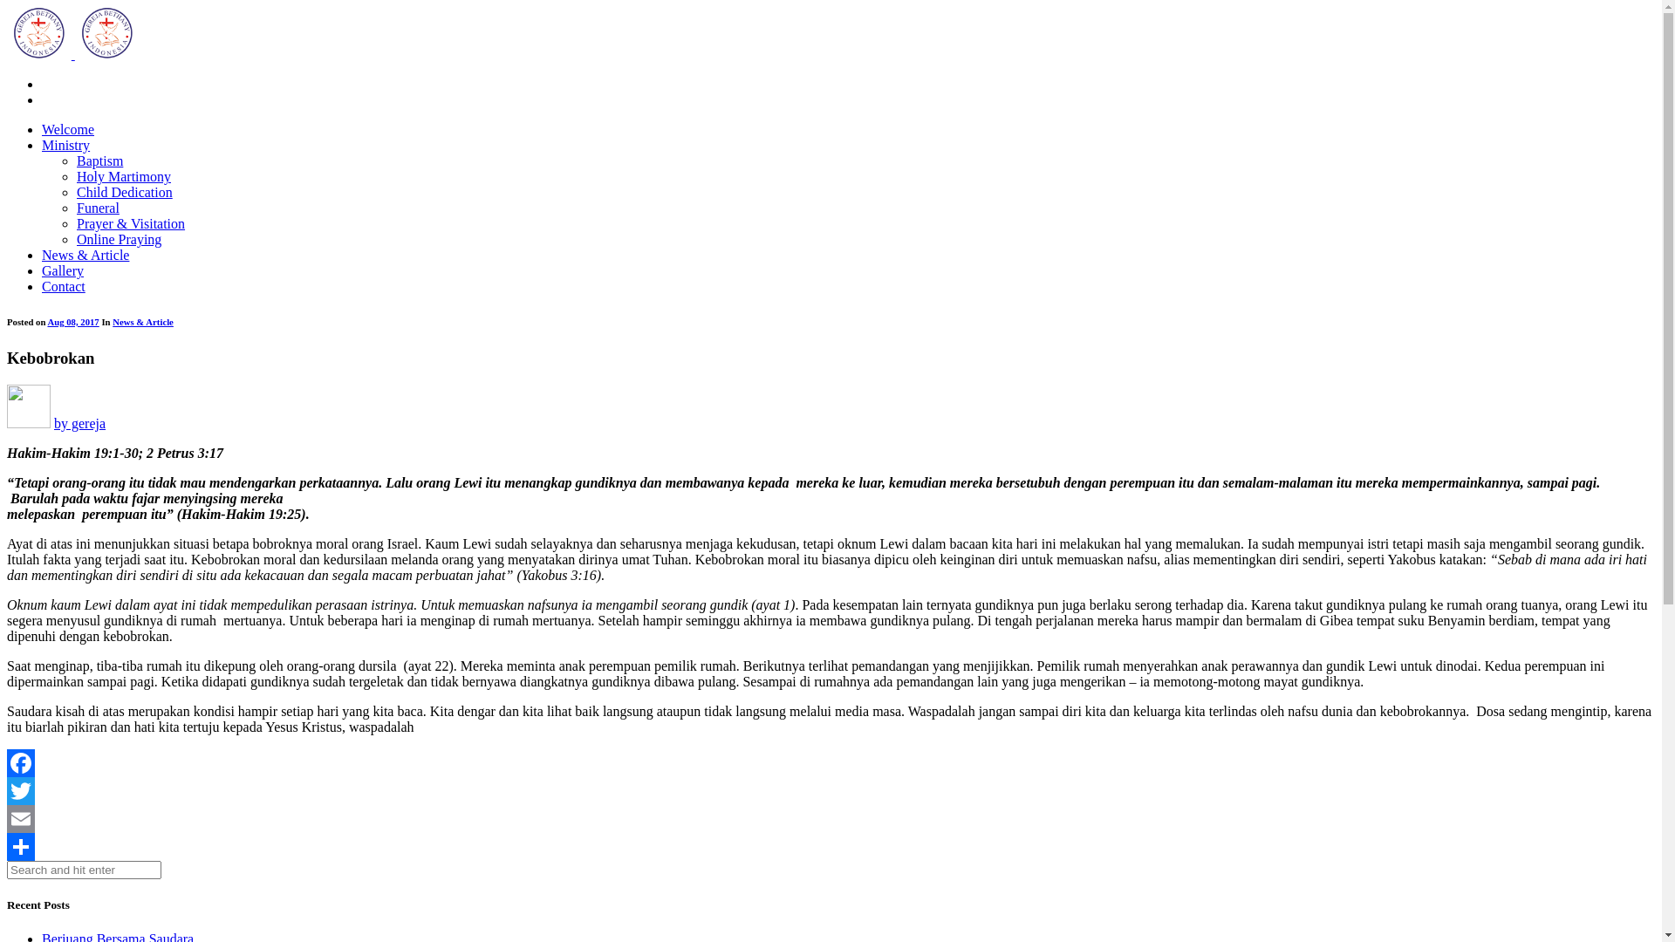  Describe the element at coordinates (65, 144) in the screenshot. I see `'Ministry'` at that location.